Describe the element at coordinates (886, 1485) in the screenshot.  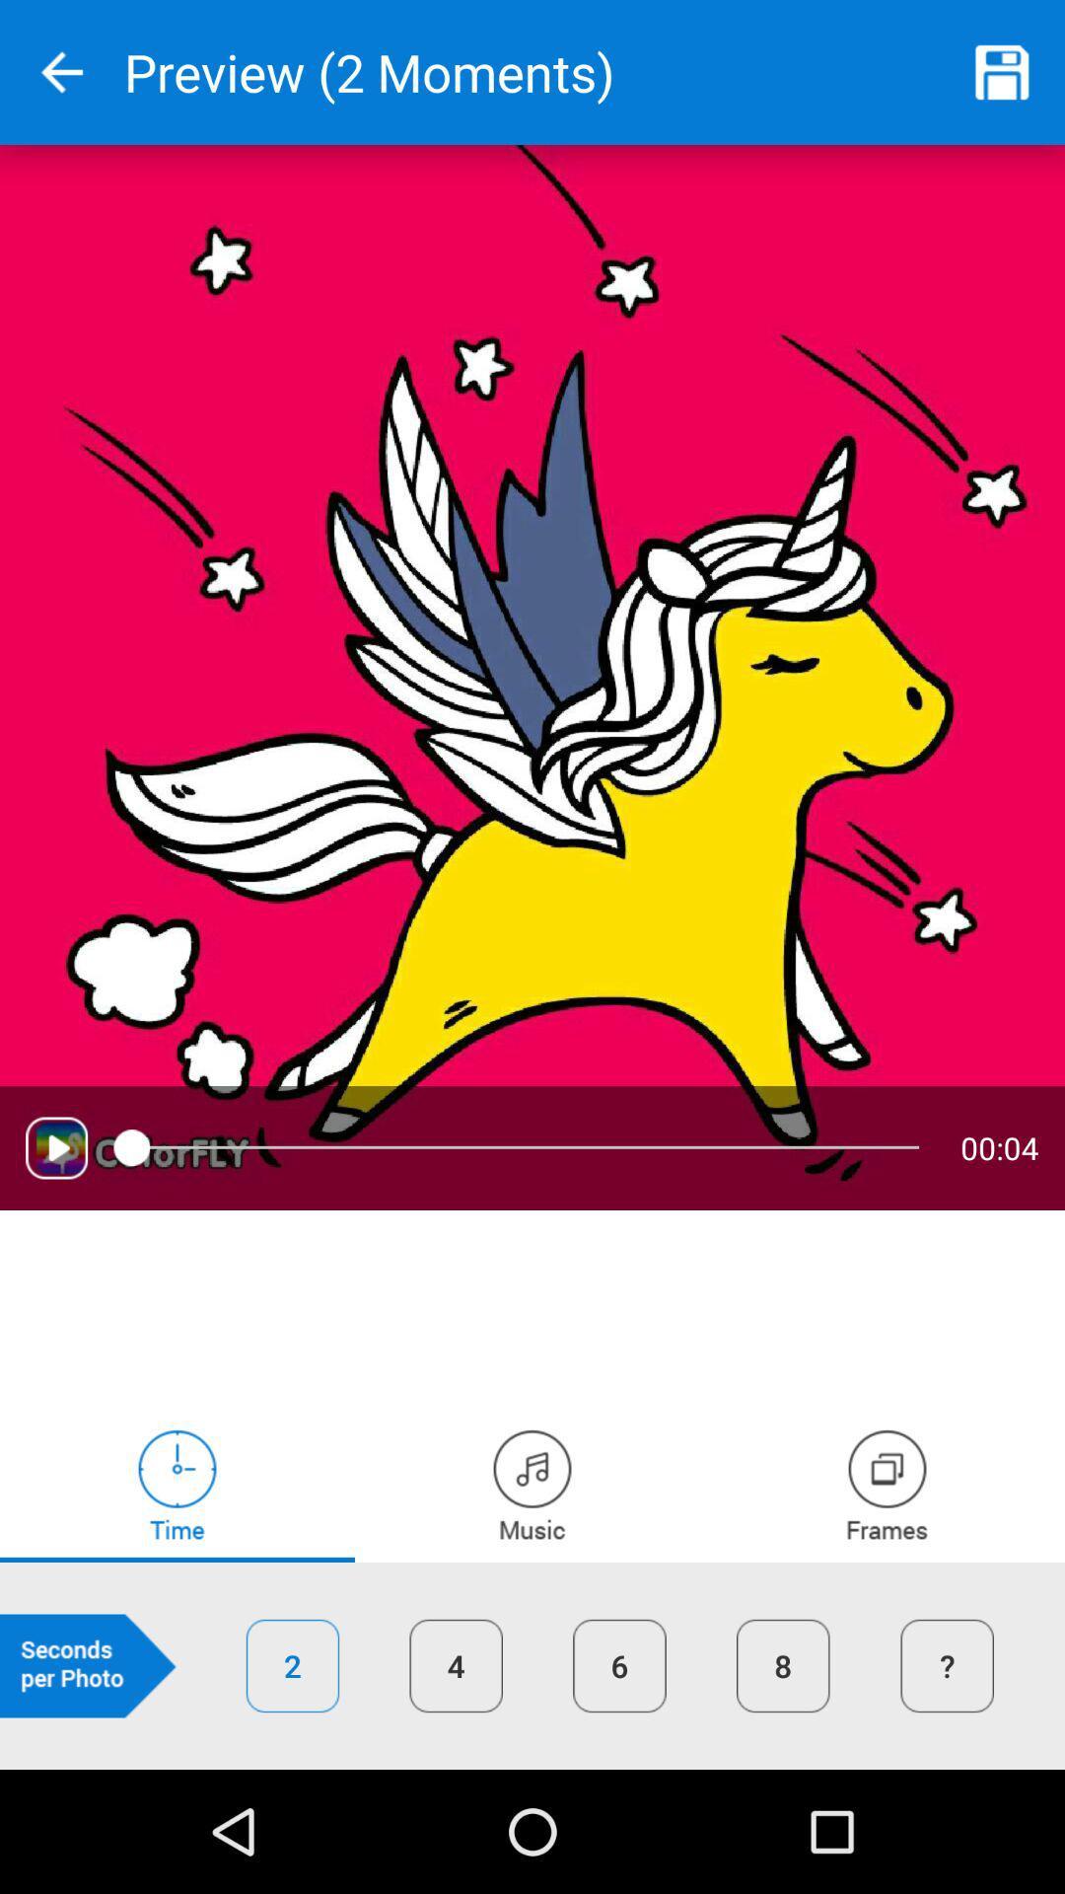
I see `frames` at that location.